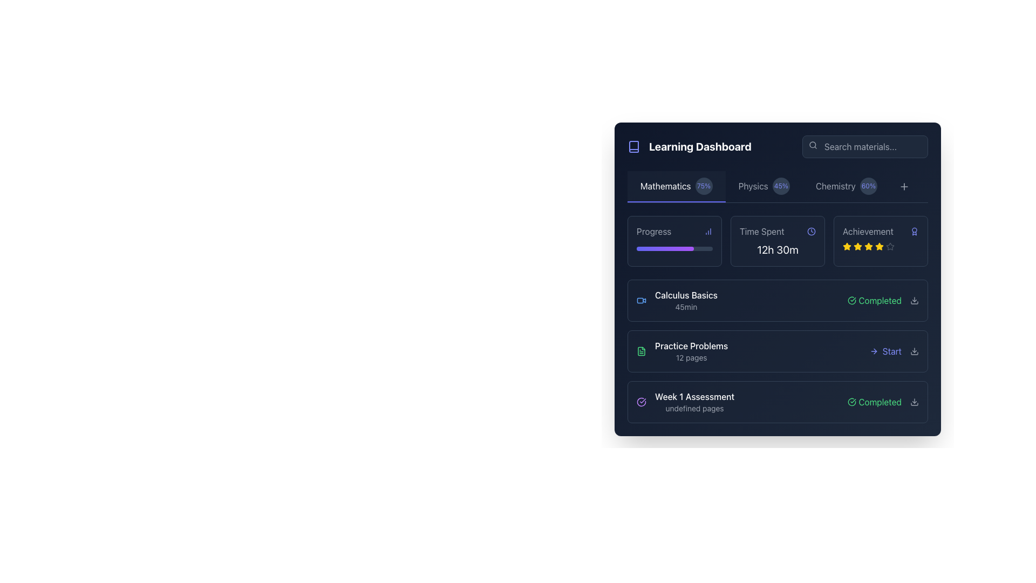 The height and width of the screenshot is (583, 1036). I want to click on the 'Mathematics' label with progress indicator displaying '75%', so click(676, 185).